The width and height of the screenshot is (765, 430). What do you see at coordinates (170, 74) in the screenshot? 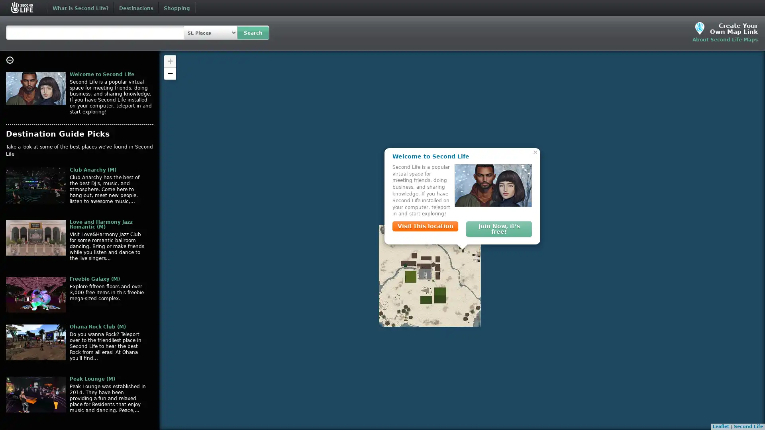
I see `Zoom out` at bounding box center [170, 74].